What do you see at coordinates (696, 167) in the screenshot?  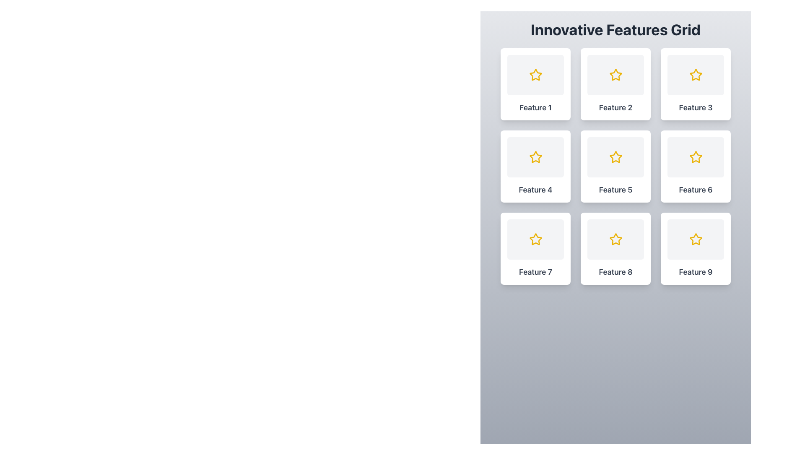 I see `the card element featuring a yellow outlined star icon and the label 'Feature 6' in bold gray text, located in the third column of the second row of the 'Innovative Features Grid'` at bounding box center [696, 167].